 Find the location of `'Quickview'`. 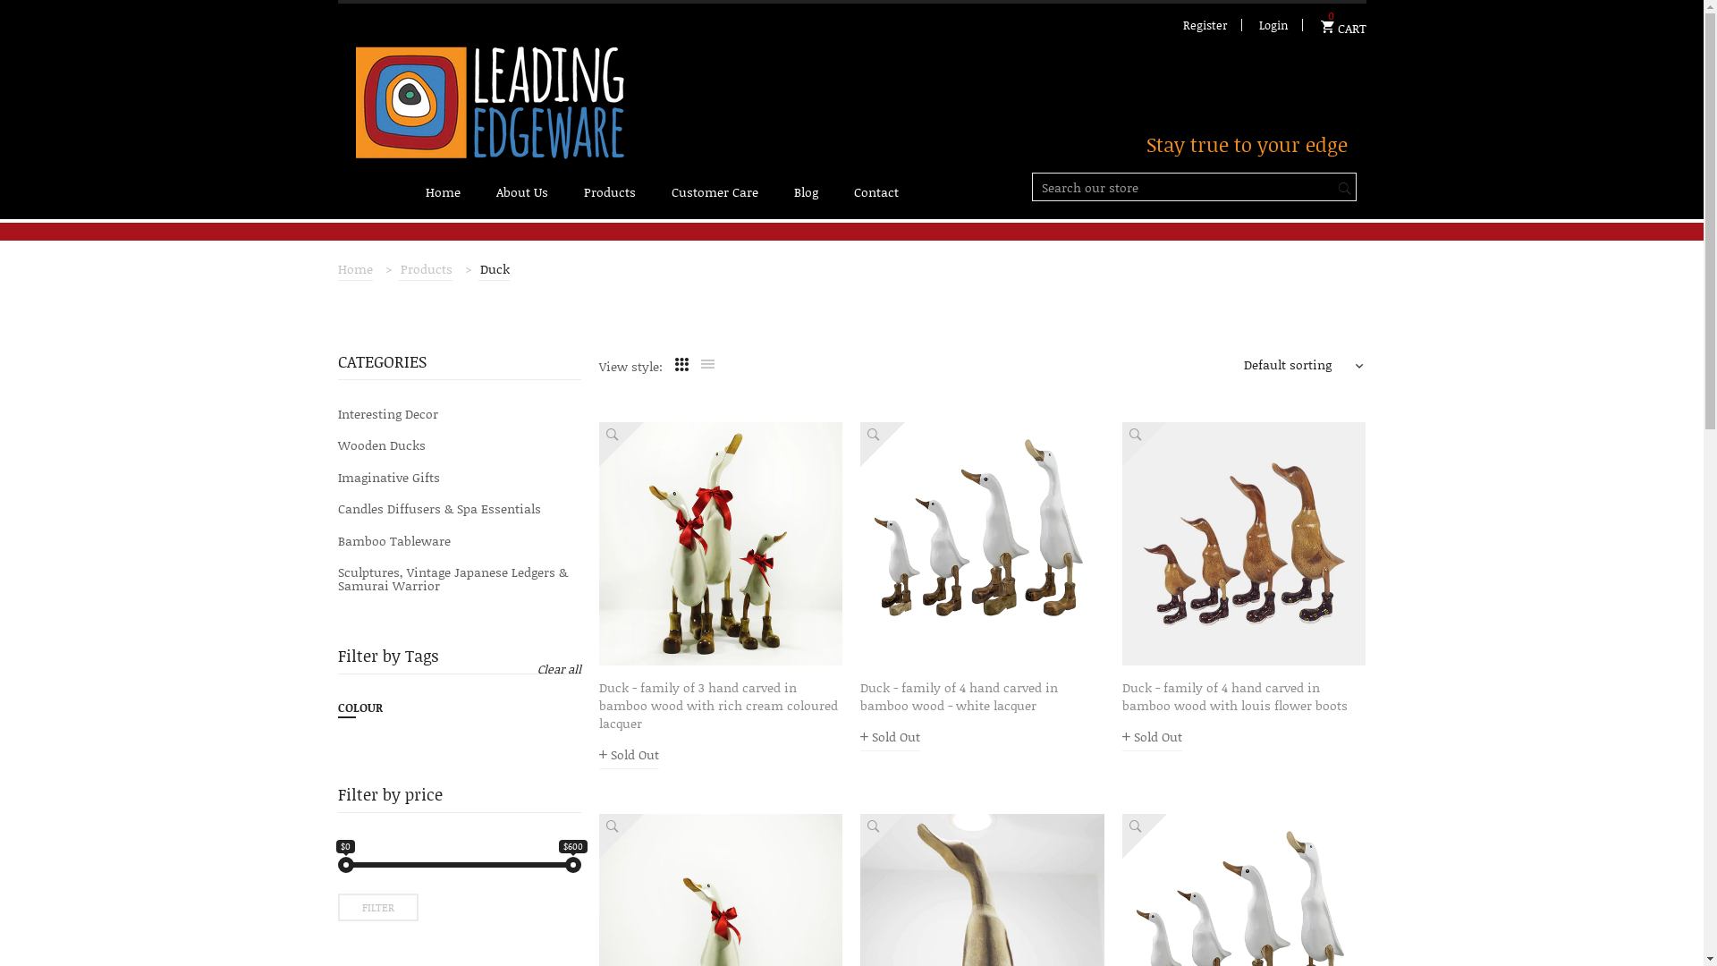

'Quickview' is located at coordinates (599, 444).